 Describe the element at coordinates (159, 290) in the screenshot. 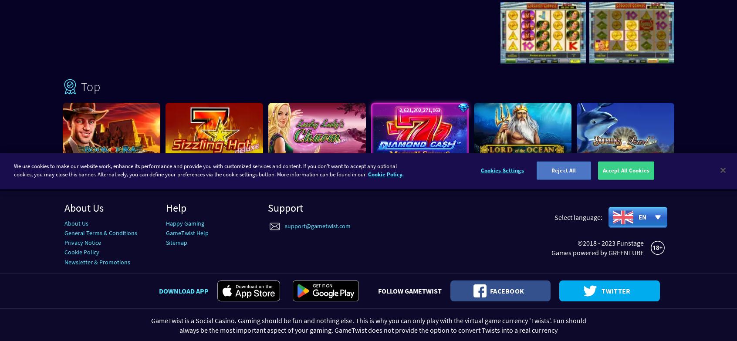

I see `'Download app'` at that location.